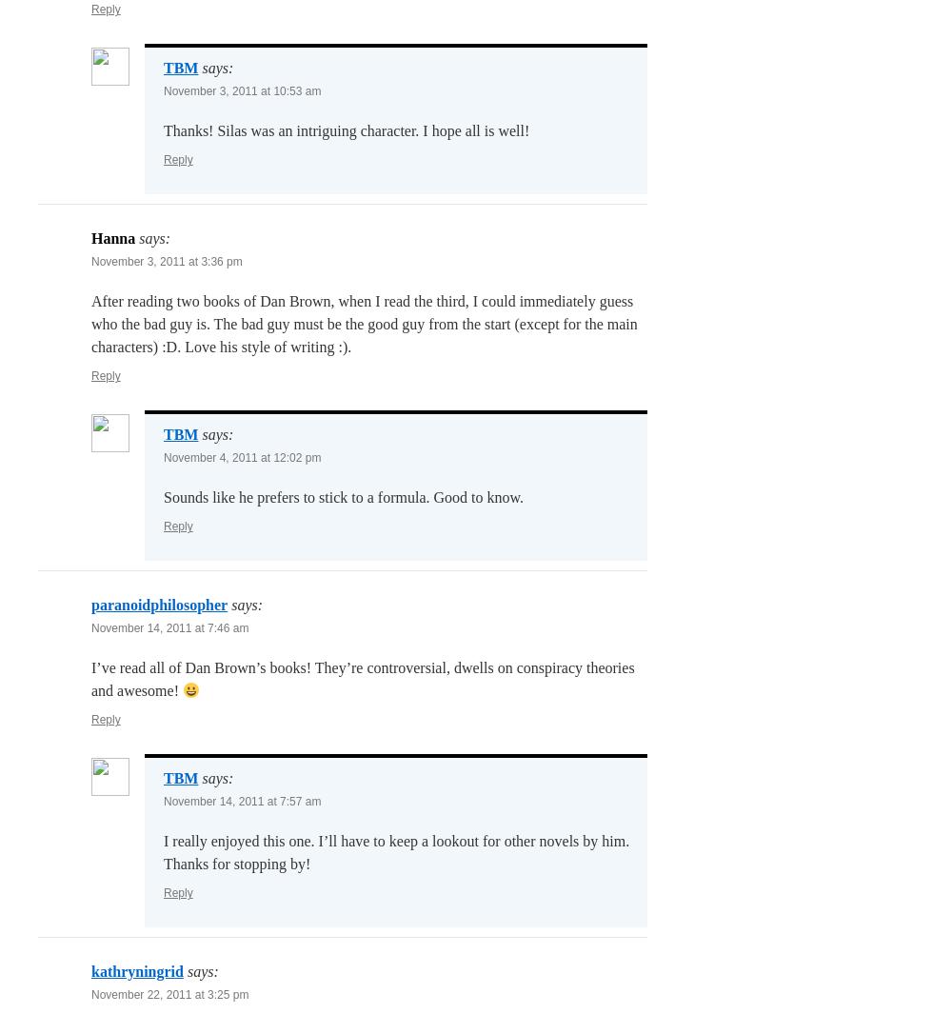 The width and height of the screenshot is (933, 1014). Describe the element at coordinates (242, 456) in the screenshot. I see `'November 4, 2011 at 12:02 pm'` at that location.